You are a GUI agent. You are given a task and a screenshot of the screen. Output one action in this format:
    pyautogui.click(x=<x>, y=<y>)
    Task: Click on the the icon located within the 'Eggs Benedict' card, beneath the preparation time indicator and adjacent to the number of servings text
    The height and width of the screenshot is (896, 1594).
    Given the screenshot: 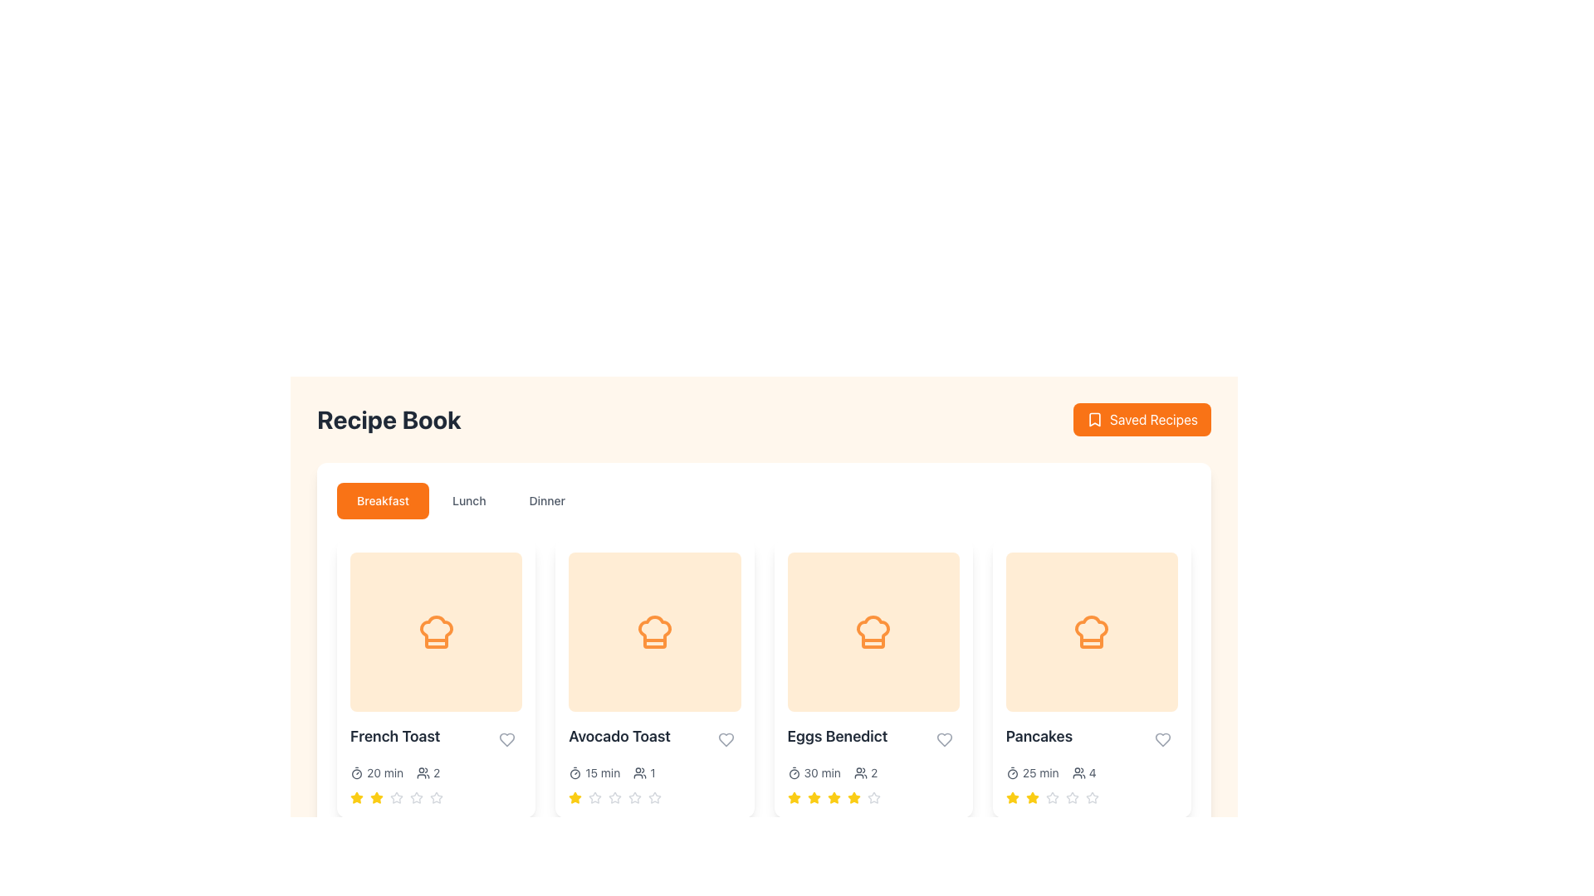 What is the action you would take?
    pyautogui.click(x=860, y=773)
    